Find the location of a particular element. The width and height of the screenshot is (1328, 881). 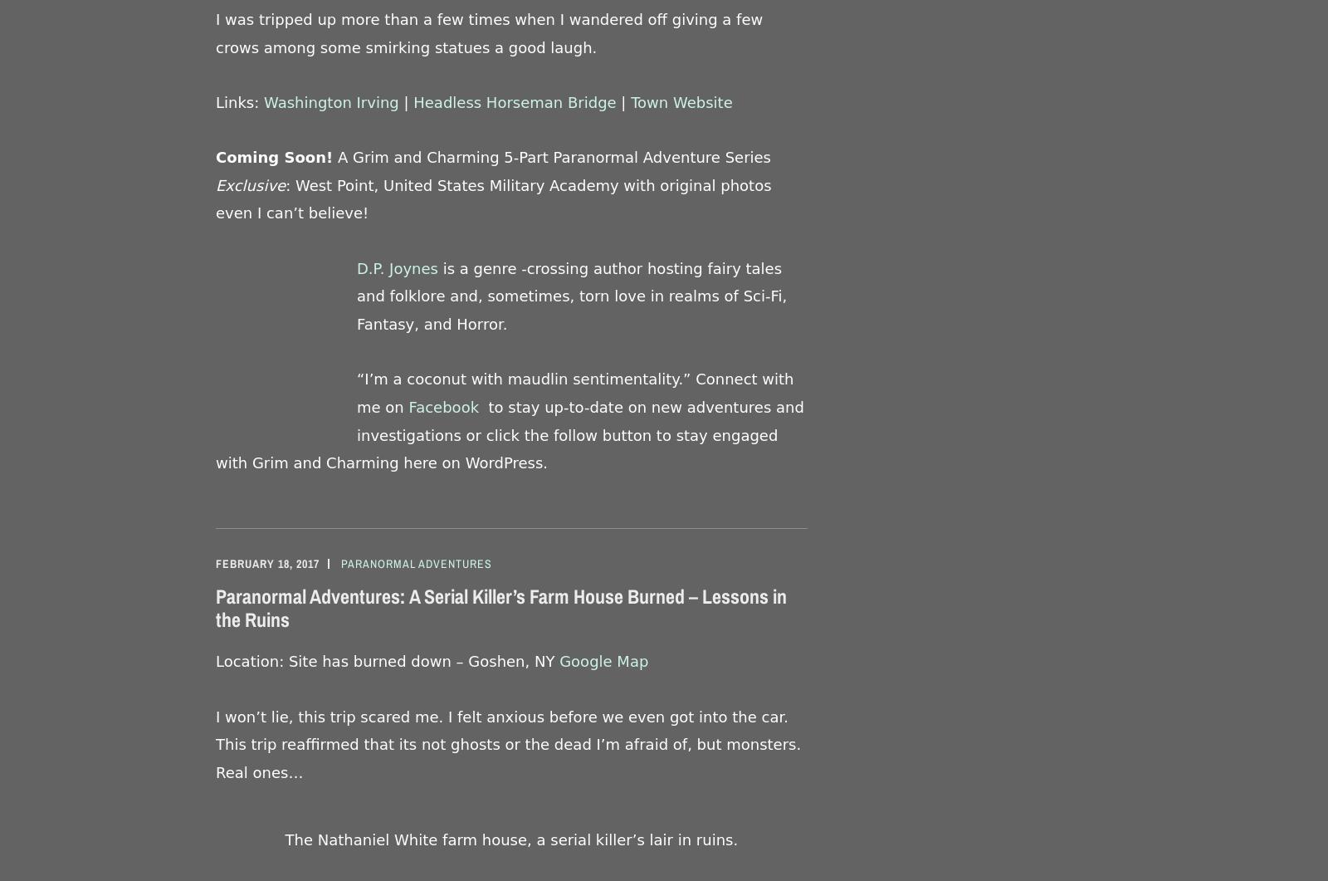

'Location: Site has burned down – Goshen, NY' is located at coordinates (216, 661).